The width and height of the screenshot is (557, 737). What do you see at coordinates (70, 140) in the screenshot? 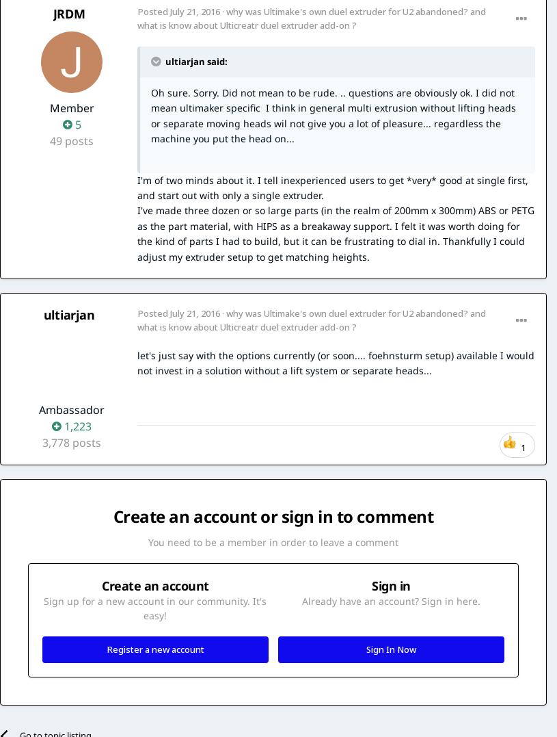
I see `'49 posts'` at bounding box center [70, 140].